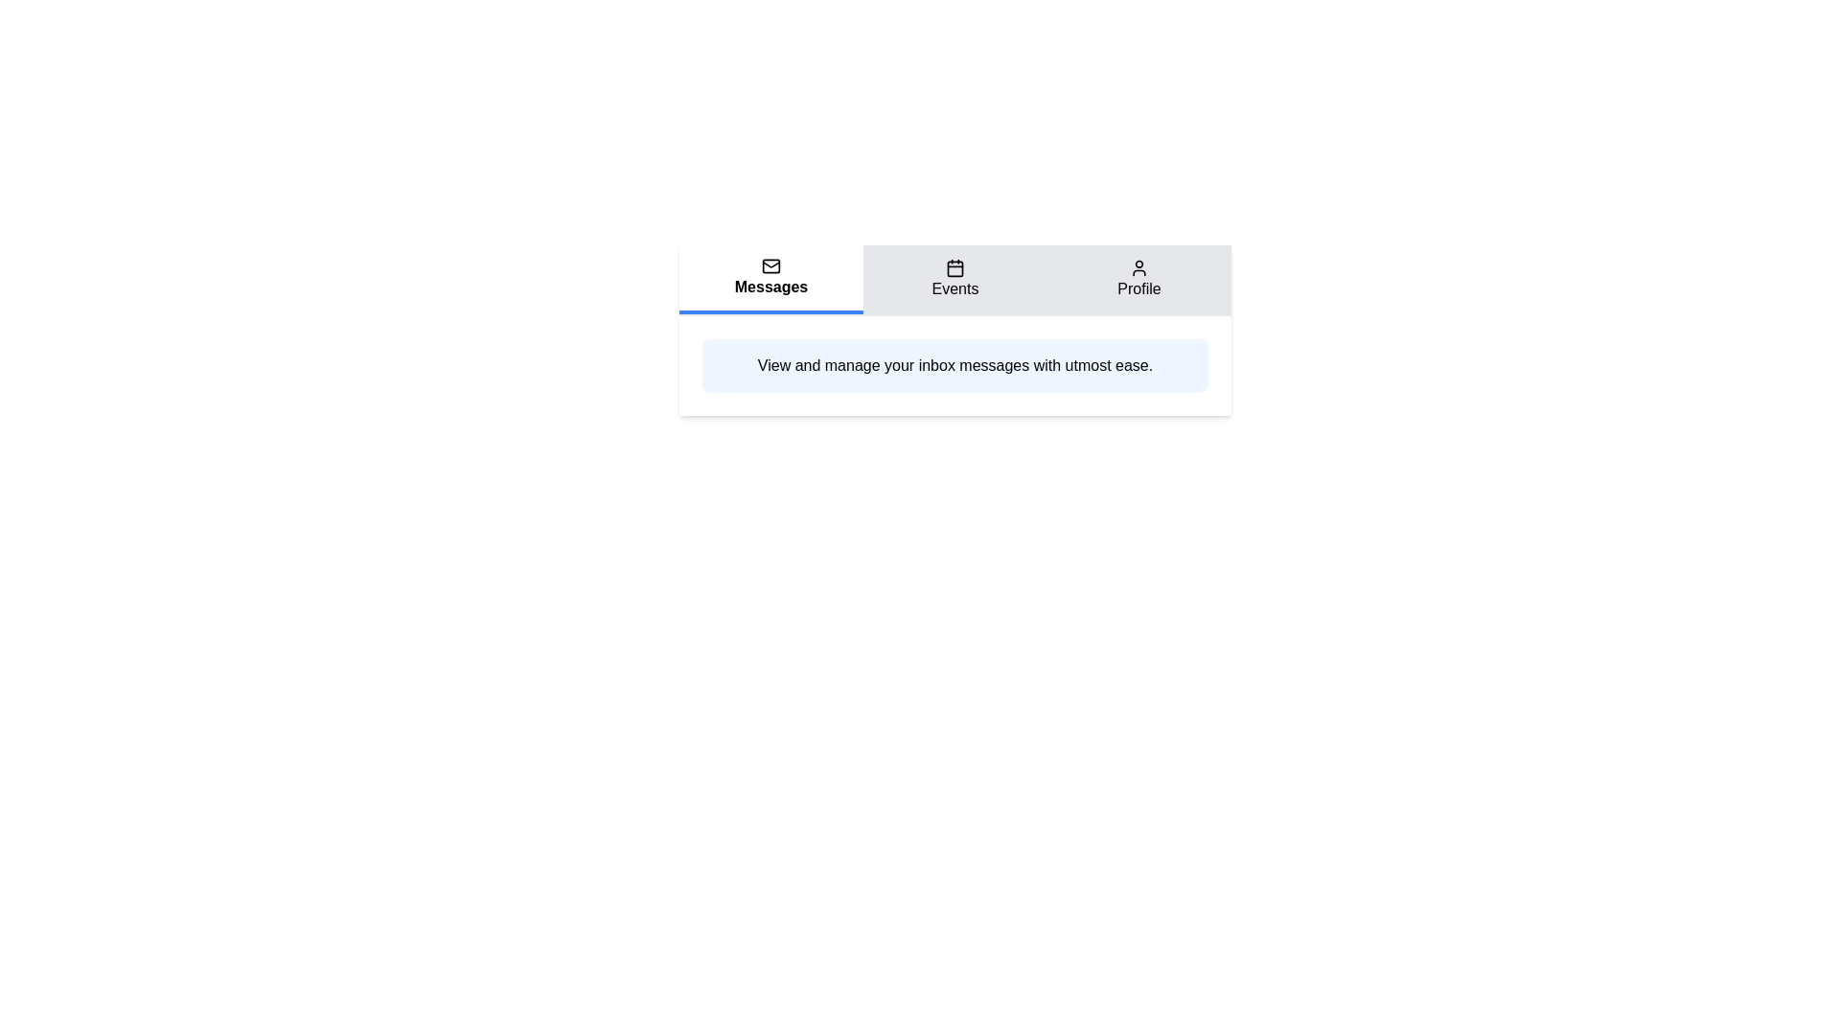 This screenshot has height=1035, width=1840. Describe the element at coordinates (955, 280) in the screenshot. I see `the tab labeled Events to observe the hover effect` at that location.